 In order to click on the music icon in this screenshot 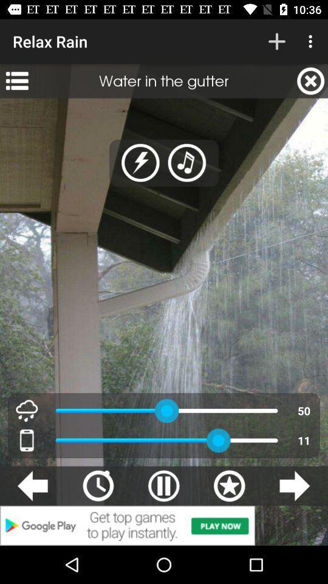, I will do `click(187, 162)`.